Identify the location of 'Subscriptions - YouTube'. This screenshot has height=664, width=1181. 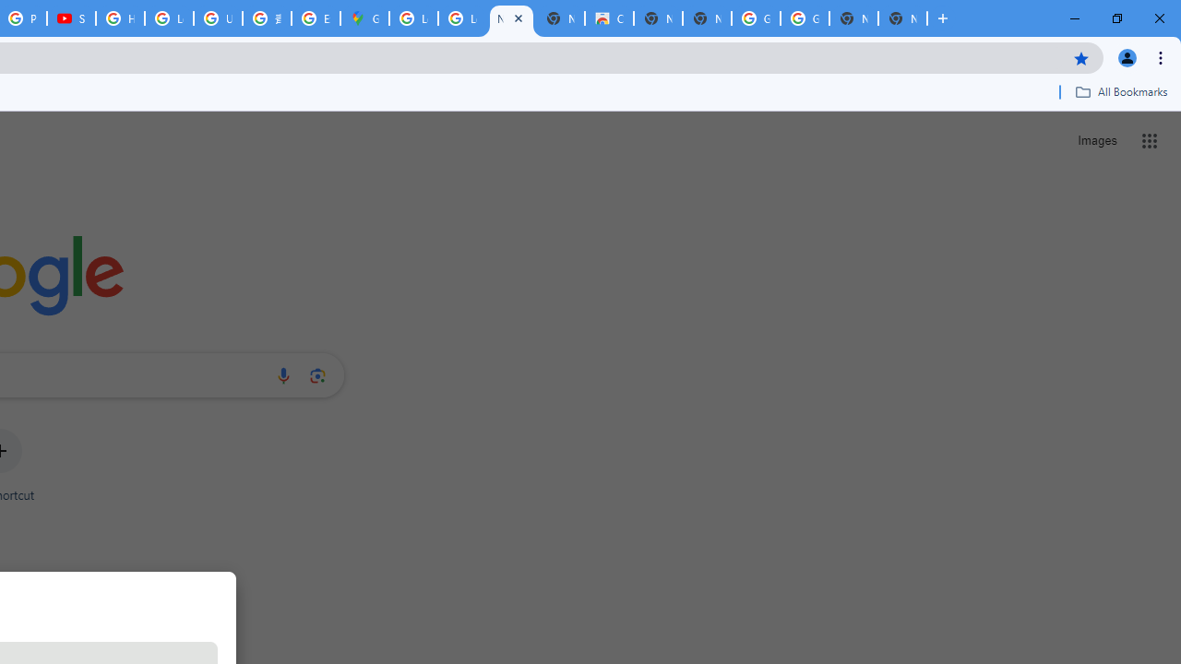
(71, 18).